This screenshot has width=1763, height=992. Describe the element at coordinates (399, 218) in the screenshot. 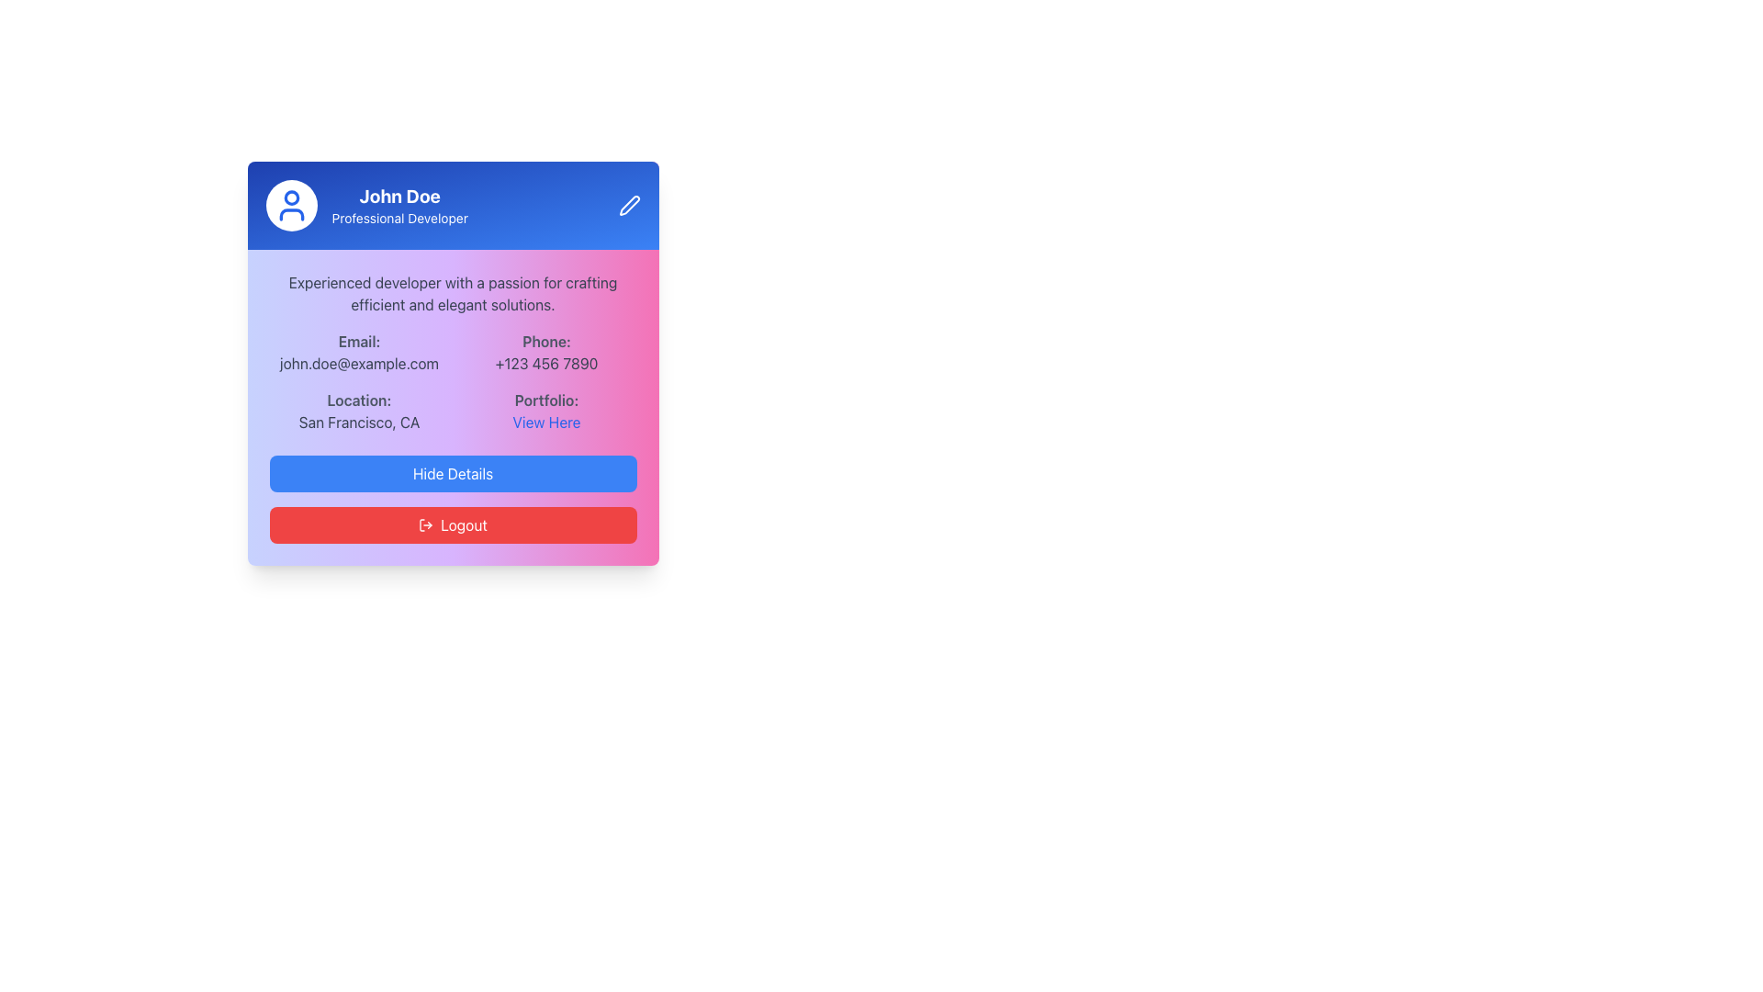

I see `text label 'Professional Developer' displayed in white on a blue background, located beneath the 'John Doe' title in the header section of the card` at that location.